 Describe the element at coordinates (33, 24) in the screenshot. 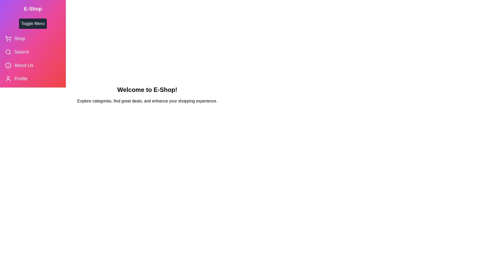

I see `the 'Toggle Menu' button to toggle the visibility of the drawer` at that location.